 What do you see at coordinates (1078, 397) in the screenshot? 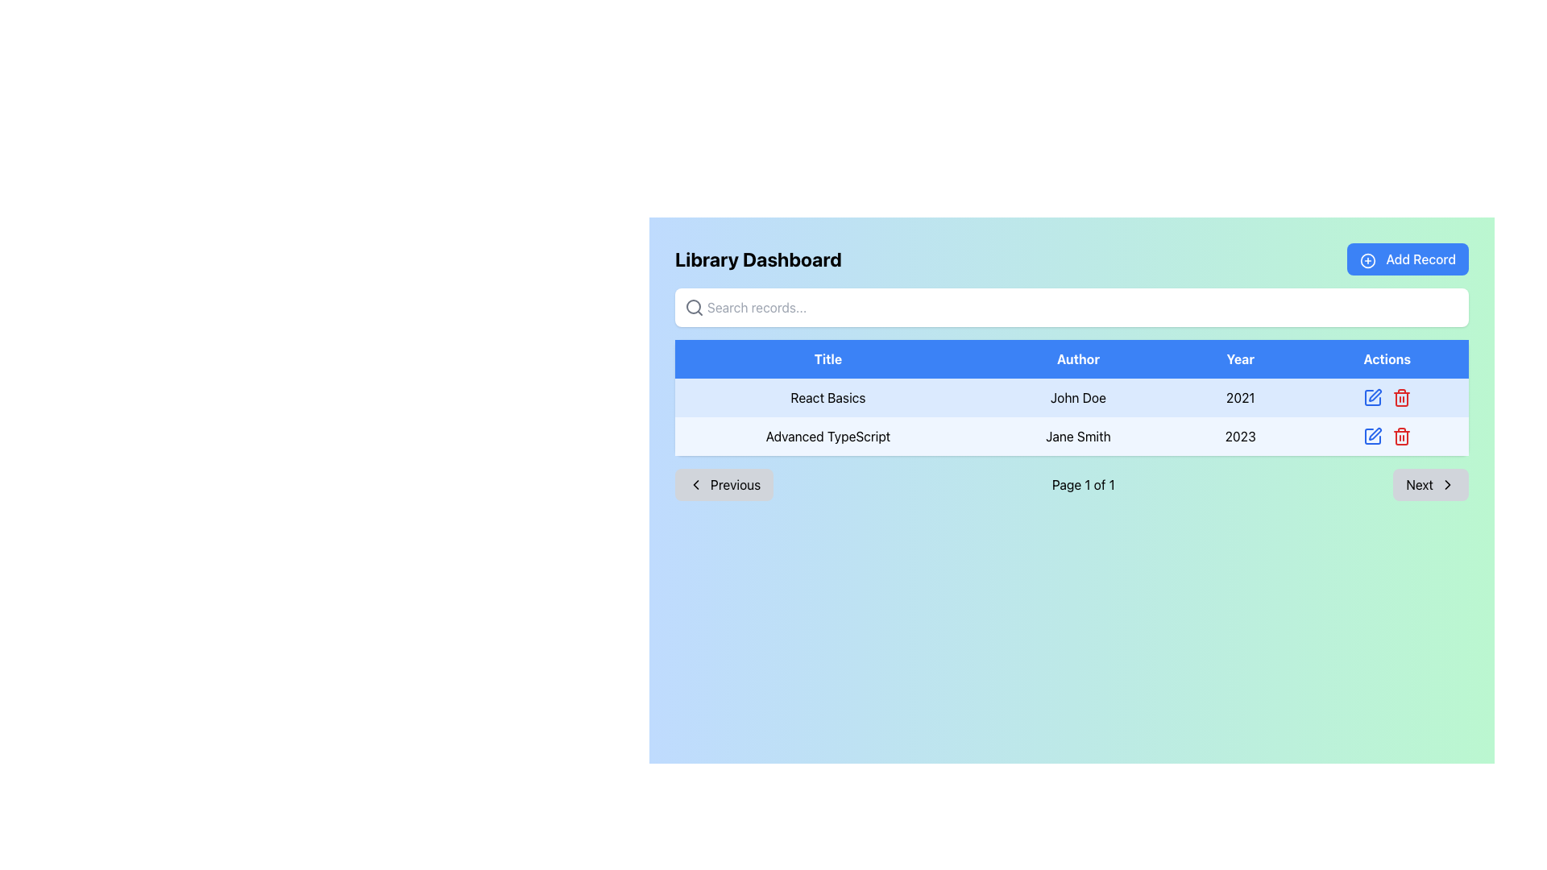
I see `the author name text element located in the second column of the row titled 'React Basics'` at bounding box center [1078, 397].